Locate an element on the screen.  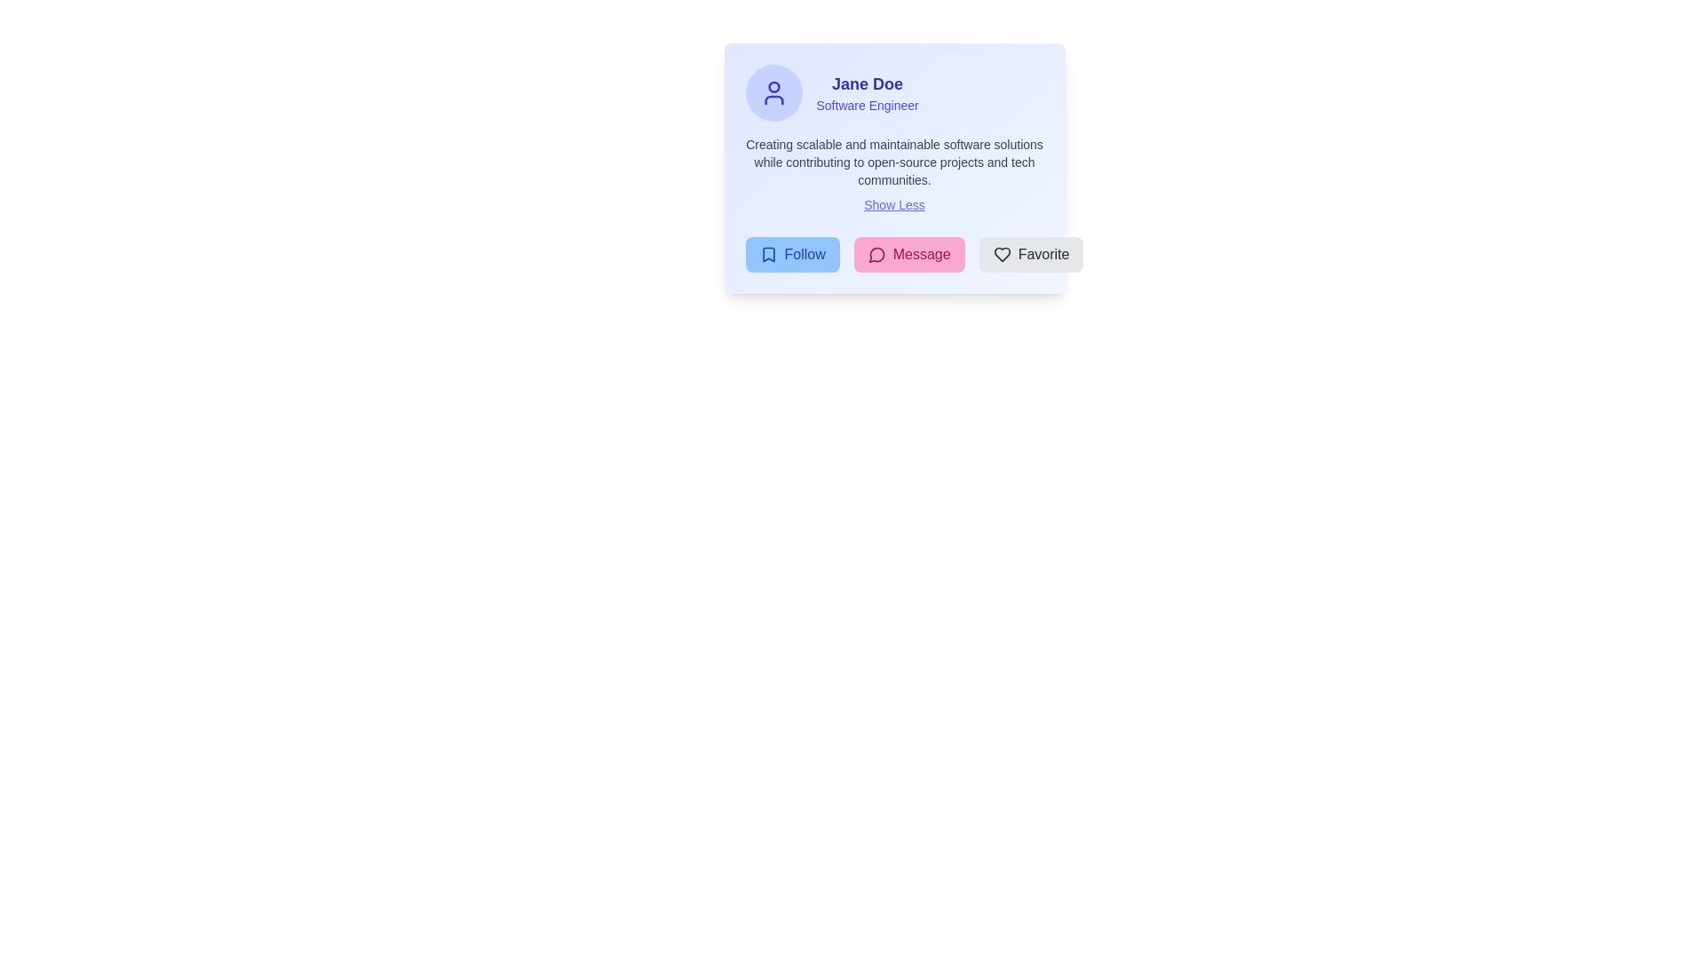
the rightmost button in the row of three buttons below the user card is located at coordinates (1031, 254).